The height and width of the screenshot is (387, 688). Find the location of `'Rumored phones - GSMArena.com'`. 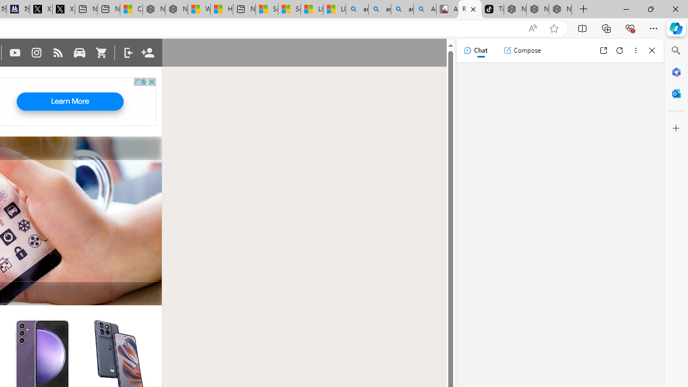

'Rumored phones - GSMArena.com' is located at coordinates (470, 9).